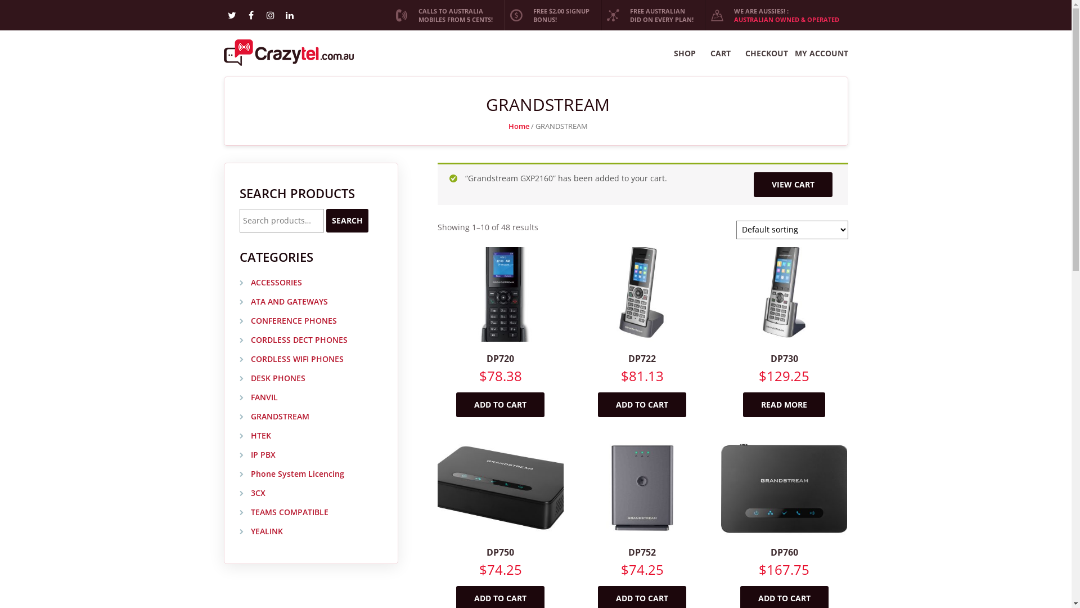  Describe the element at coordinates (256, 454) in the screenshot. I see `'IP PBX'` at that location.